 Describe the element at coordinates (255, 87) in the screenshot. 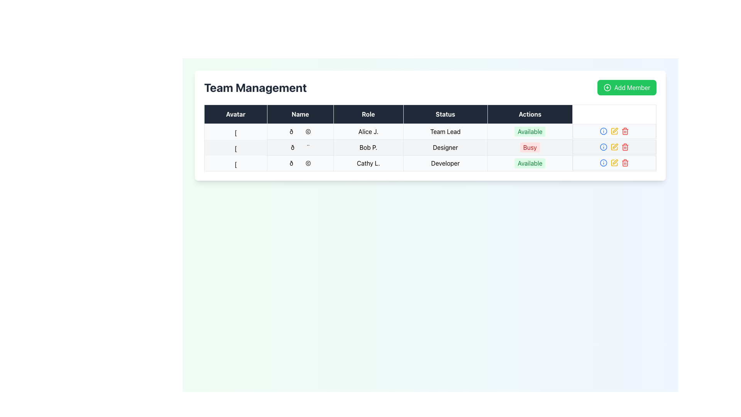

I see `the Header text or label element, which serves as a title indicating the content of the page, positioned on the left above the team details table` at that location.